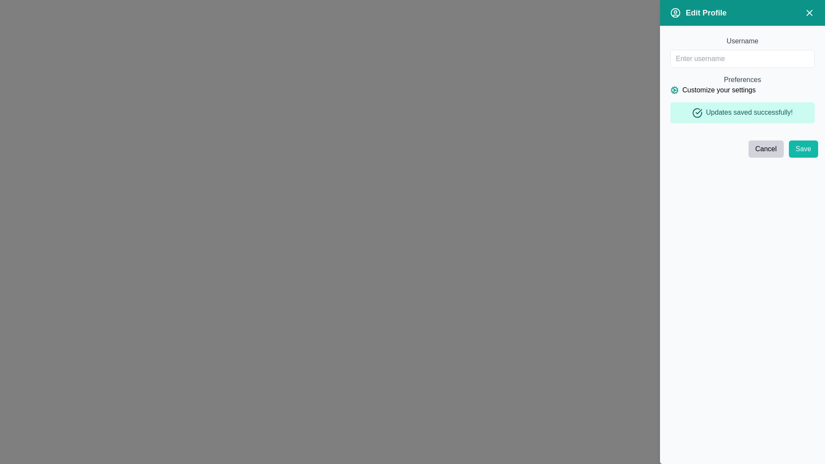 The width and height of the screenshot is (825, 464). Describe the element at coordinates (742, 112) in the screenshot. I see `the Feedback banner displaying 'Updates saved successfully!' with a checkmark icon, positioned near the center-right of the interface` at that location.